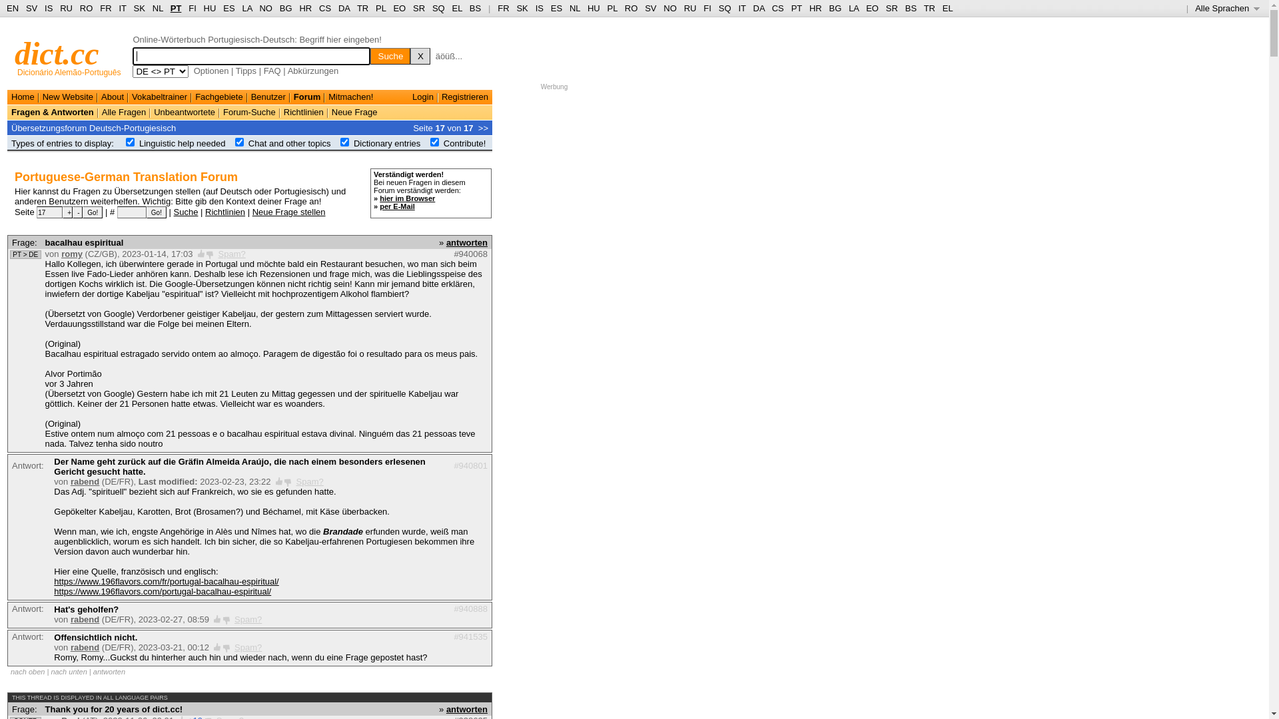 Image resolution: width=1279 pixels, height=719 pixels. I want to click on 'IS', so click(536, 8).